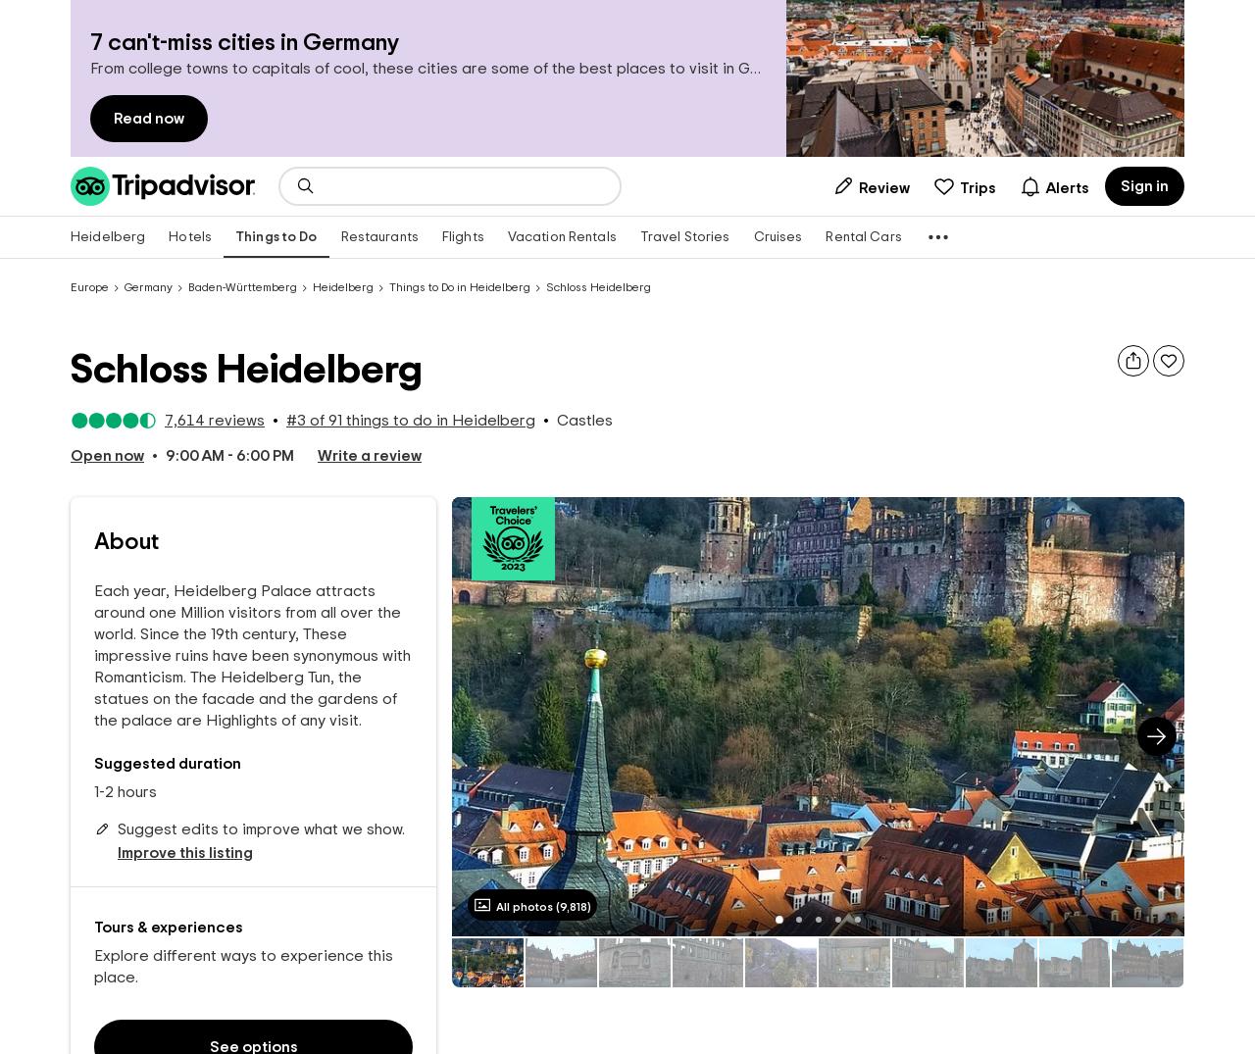 Image resolution: width=1255 pixels, height=1054 pixels. Describe the element at coordinates (284, 420) in the screenshot. I see `'#3 of 91 things to do in Heidelberg'` at that location.